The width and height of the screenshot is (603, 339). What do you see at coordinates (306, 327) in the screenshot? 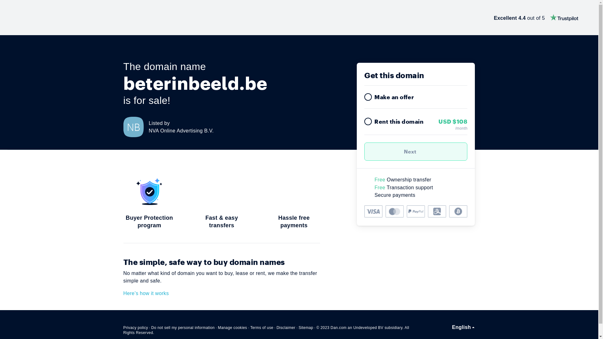
I see `'Sitemap'` at bounding box center [306, 327].